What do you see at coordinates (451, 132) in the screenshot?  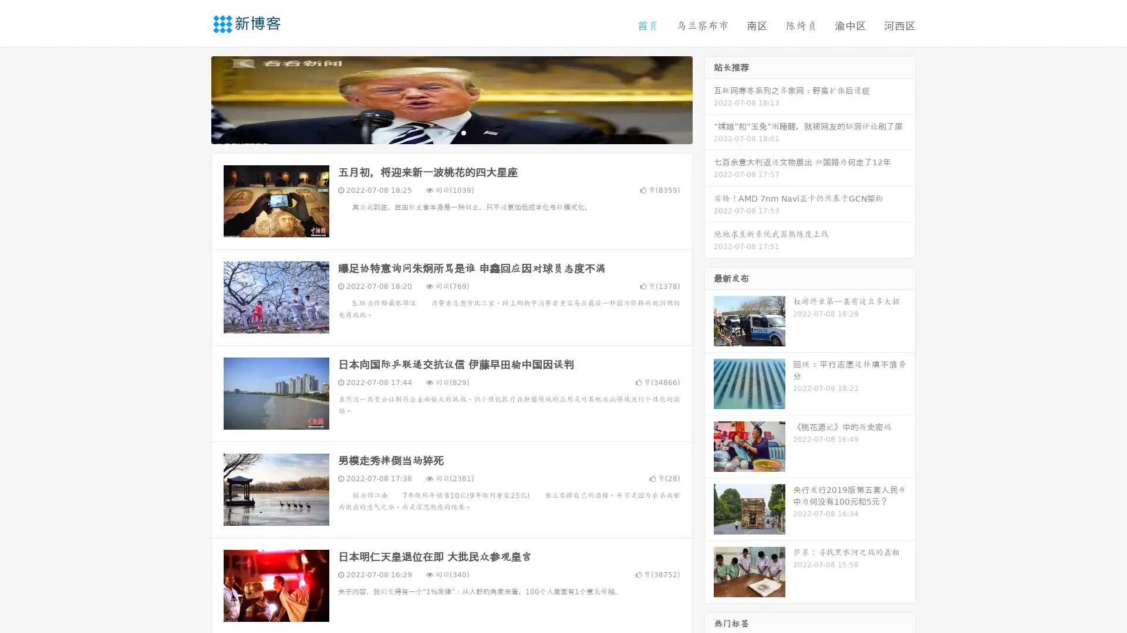 I see `Go to slide 2` at bounding box center [451, 132].